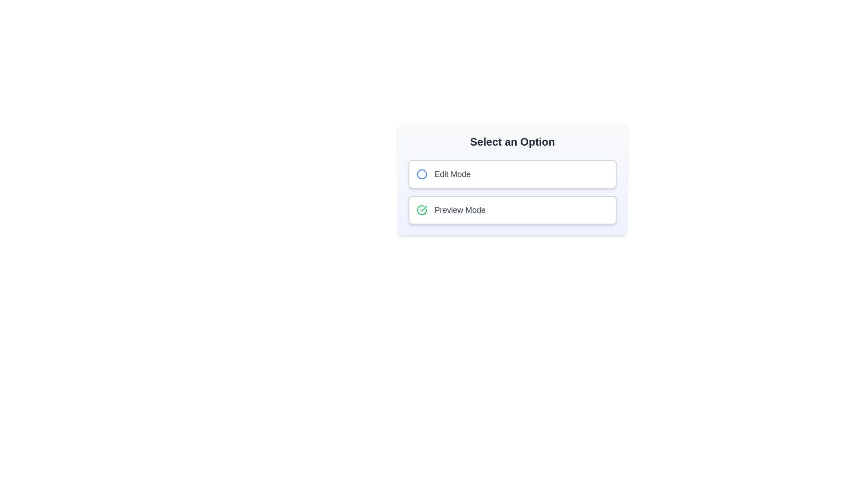  What do you see at coordinates (421, 174) in the screenshot?
I see `the blue circular icon with a hollow center located to the immediate left of the text 'Edit Mode' in the selectable list` at bounding box center [421, 174].